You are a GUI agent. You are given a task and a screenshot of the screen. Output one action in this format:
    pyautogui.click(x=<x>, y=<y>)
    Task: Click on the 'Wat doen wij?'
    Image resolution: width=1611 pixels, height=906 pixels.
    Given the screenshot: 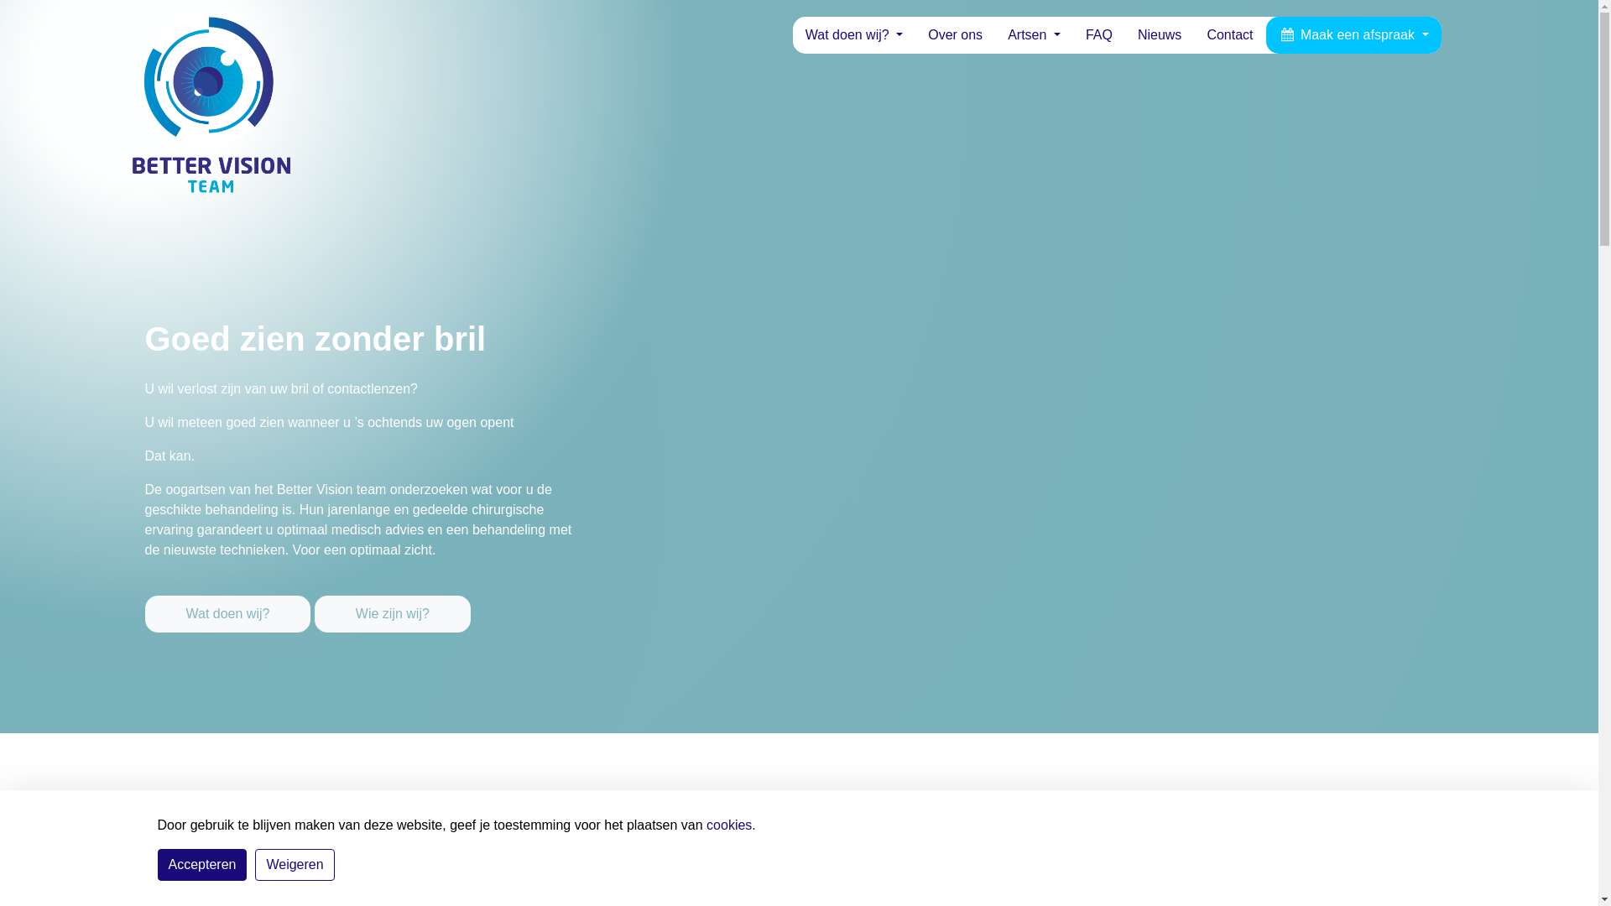 What is the action you would take?
    pyautogui.click(x=228, y=601)
    